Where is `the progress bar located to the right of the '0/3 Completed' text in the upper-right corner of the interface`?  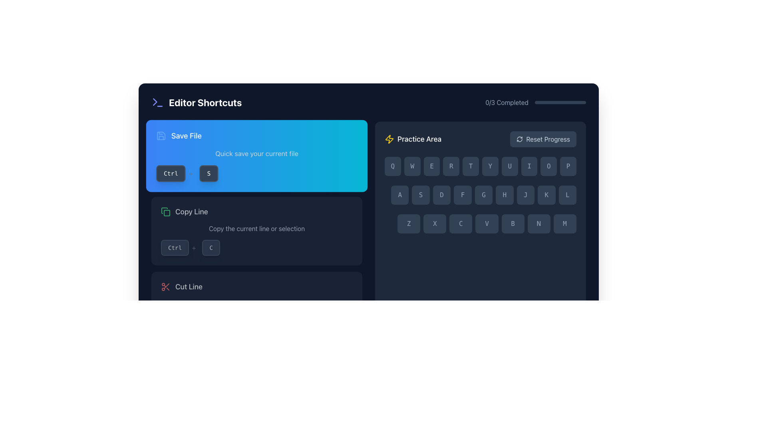 the progress bar located to the right of the '0/3 Completed' text in the upper-right corner of the interface is located at coordinates (560, 102).